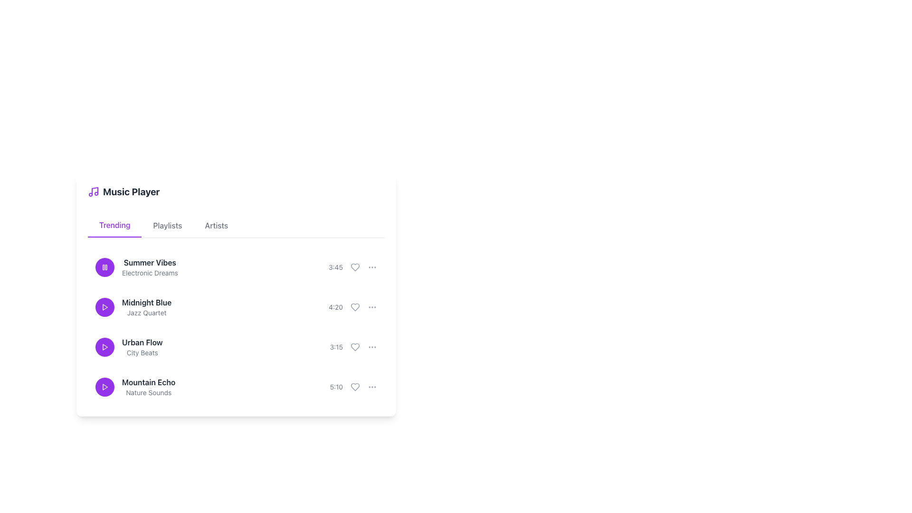 This screenshot has width=912, height=513. Describe the element at coordinates (136, 267) in the screenshot. I see `the text label 'Summer Vibes' which is the first entry in the playlist under the 'Trending' tab to interact with related content` at that location.